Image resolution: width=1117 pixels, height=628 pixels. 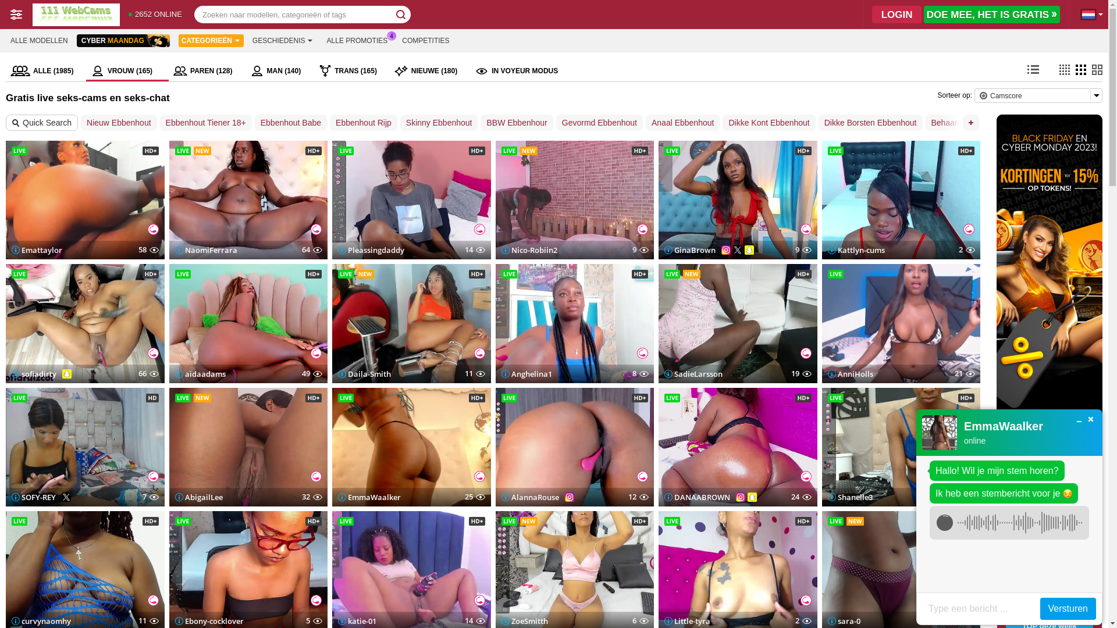 What do you see at coordinates (529, 497) in the screenshot?
I see `'AlannaRouse'` at bounding box center [529, 497].